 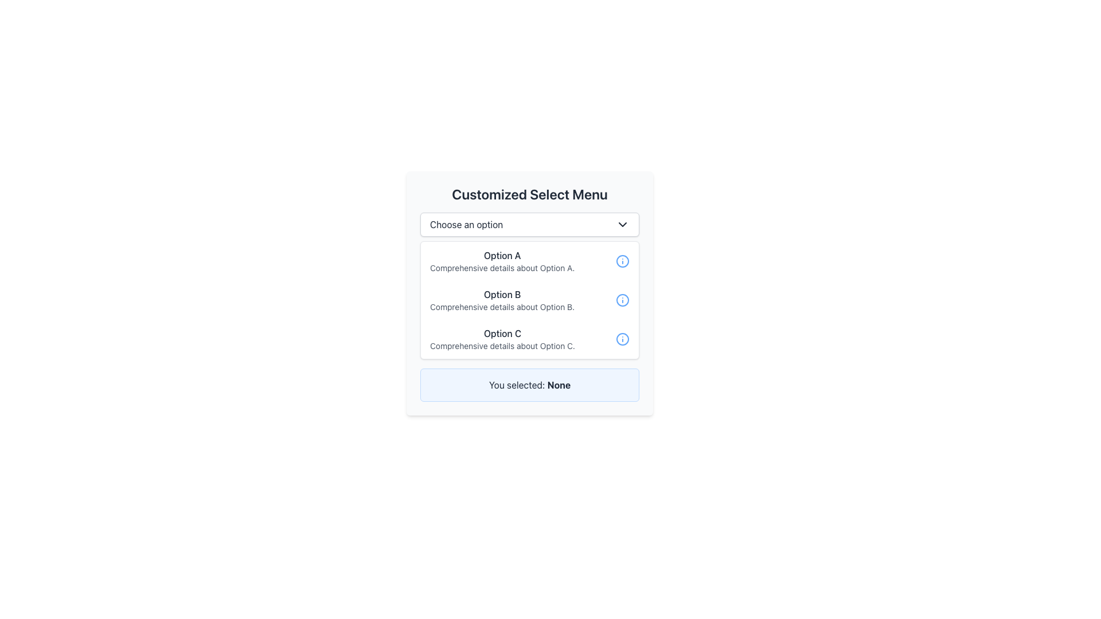 I want to click on the circular Visual icon with a thin, colored border located in the bottom-right corner of the third card labeled 'Option C', so click(x=622, y=338).